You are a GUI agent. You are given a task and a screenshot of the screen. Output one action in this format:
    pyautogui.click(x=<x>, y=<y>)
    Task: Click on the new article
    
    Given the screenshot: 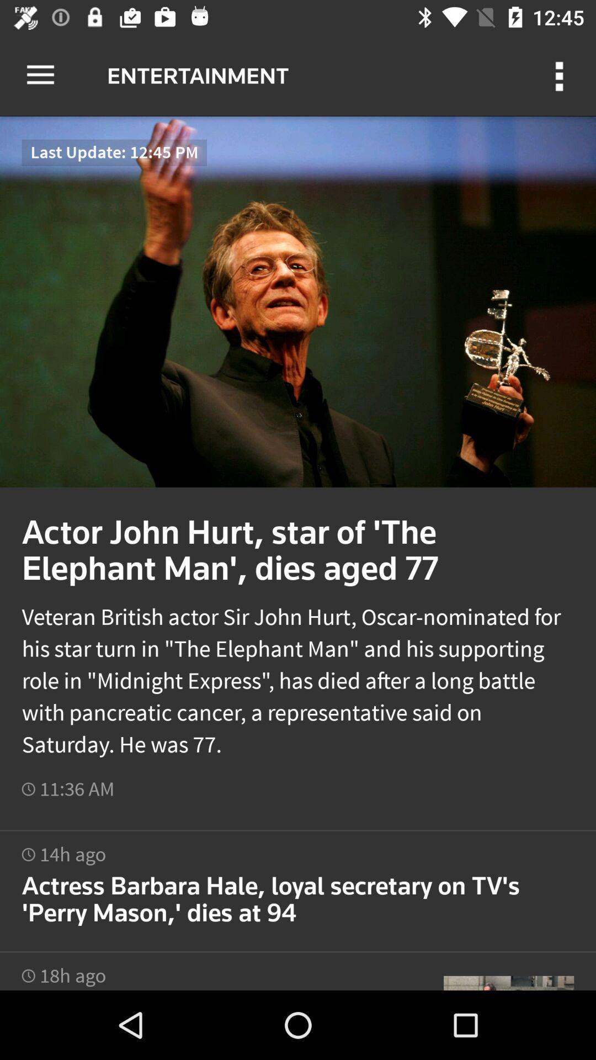 What is the action you would take?
    pyautogui.click(x=298, y=885)
    